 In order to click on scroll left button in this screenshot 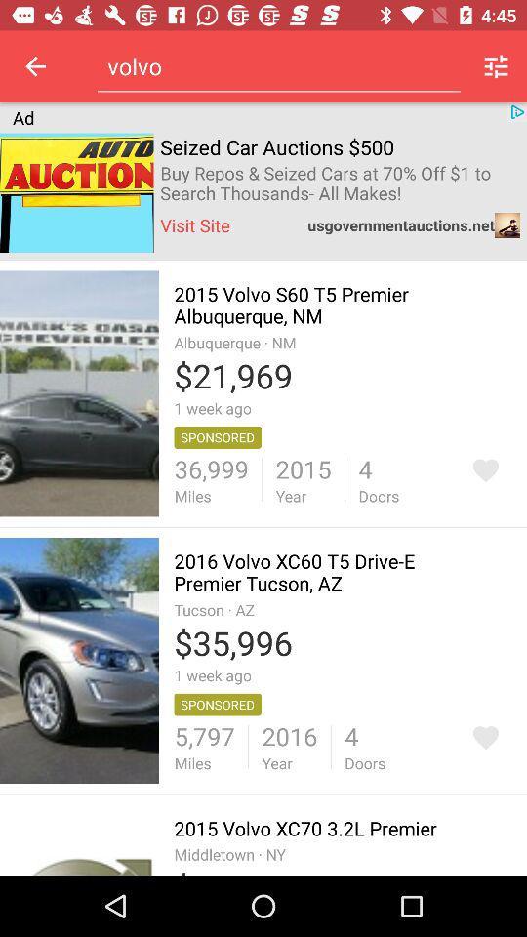, I will do `click(35, 66)`.